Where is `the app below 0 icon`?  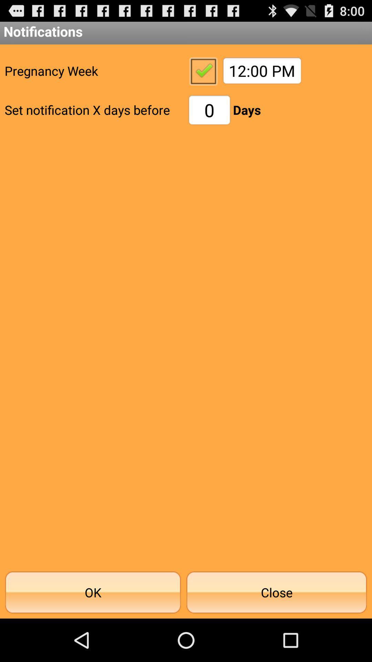
the app below 0 icon is located at coordinates (276, 592).